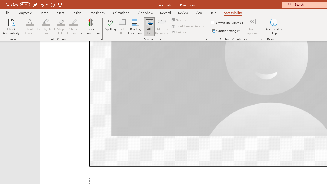 The height and width of the screenshot is (184, 327). I want to click on 'Group', so click(179, 20).